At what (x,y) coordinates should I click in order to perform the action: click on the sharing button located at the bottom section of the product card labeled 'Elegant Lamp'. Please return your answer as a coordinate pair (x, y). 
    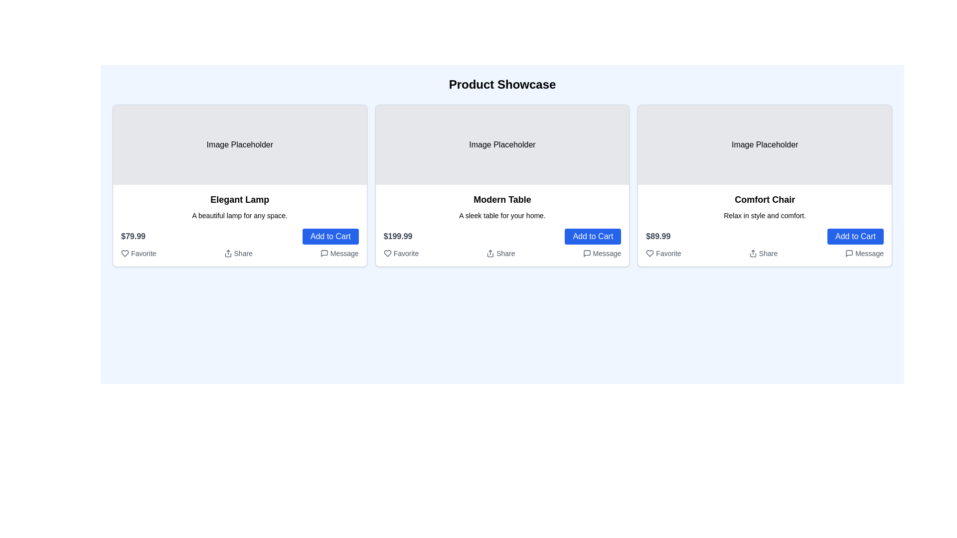
    Looking at the image, I should click on (238, 253).